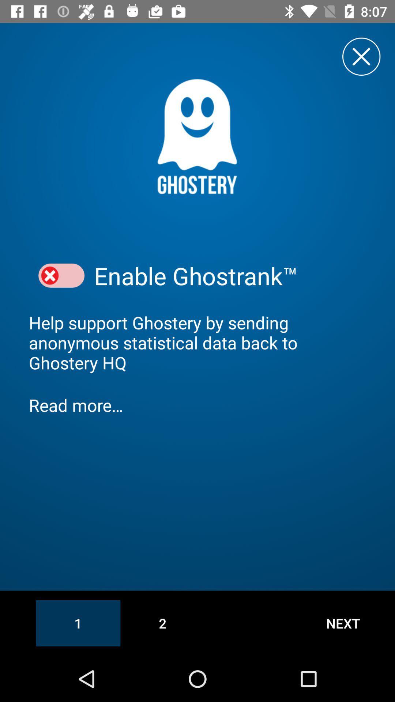 The image size is (395, 702). What do you see at coordinates (361, 56) in the screenshot?
I see `the advert` at bounding box center [361, 56].